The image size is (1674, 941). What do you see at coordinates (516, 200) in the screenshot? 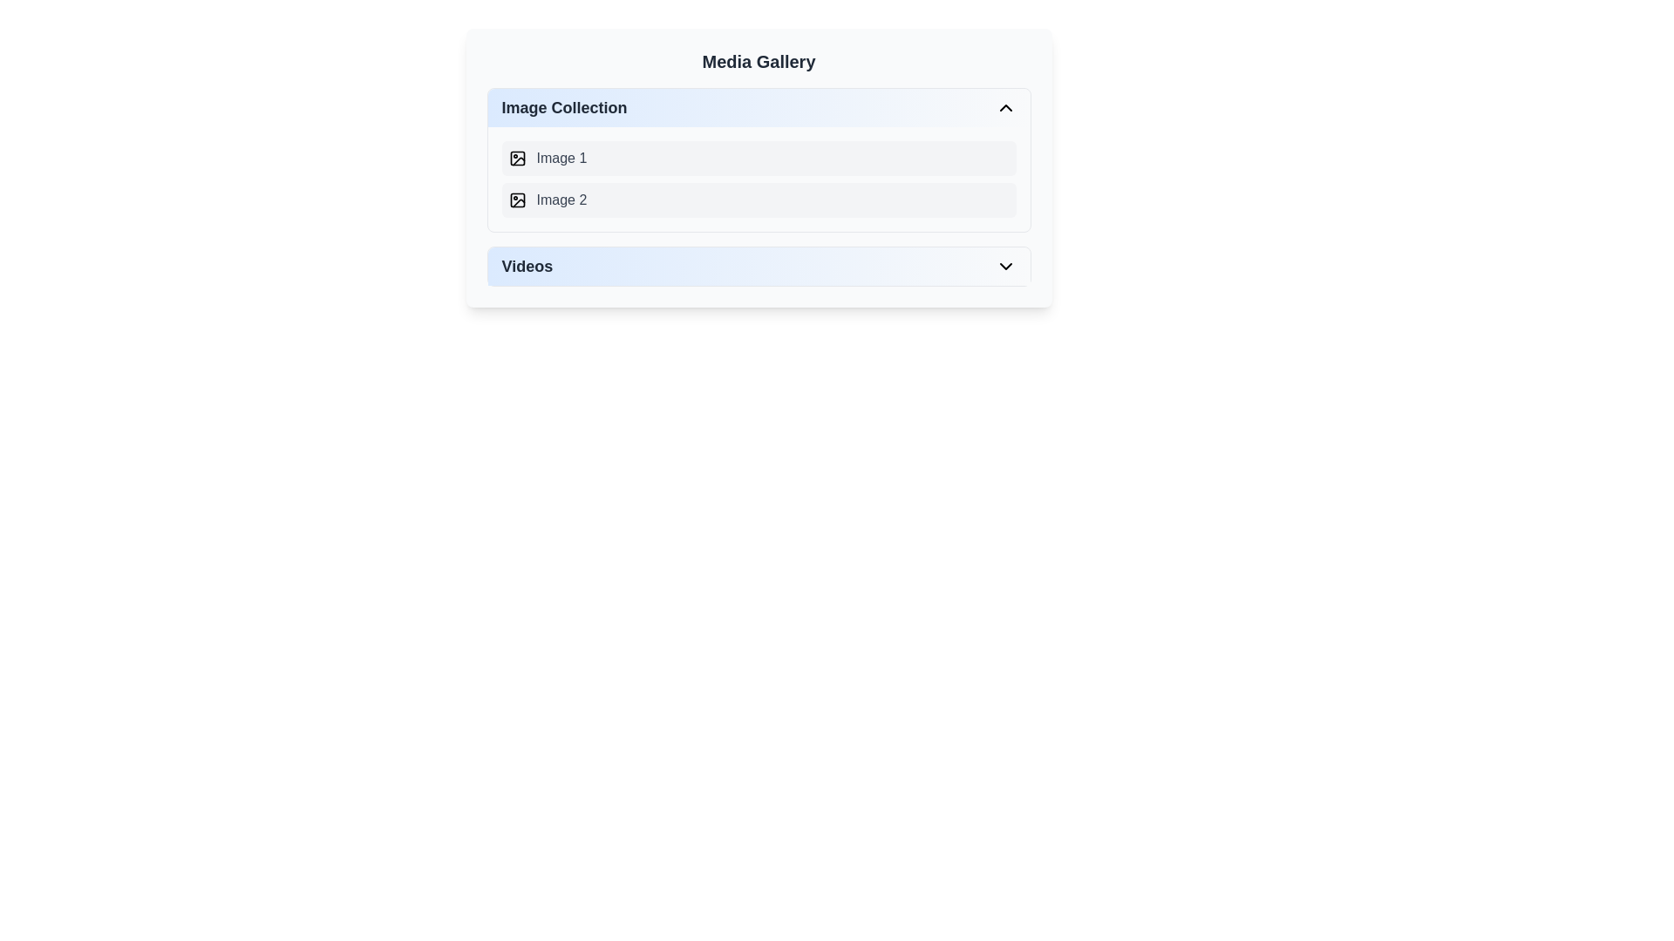
I see `the rounded rectangle representing 'Image 2' in the 'Image Collection' section` at bounding box center [516, 200].